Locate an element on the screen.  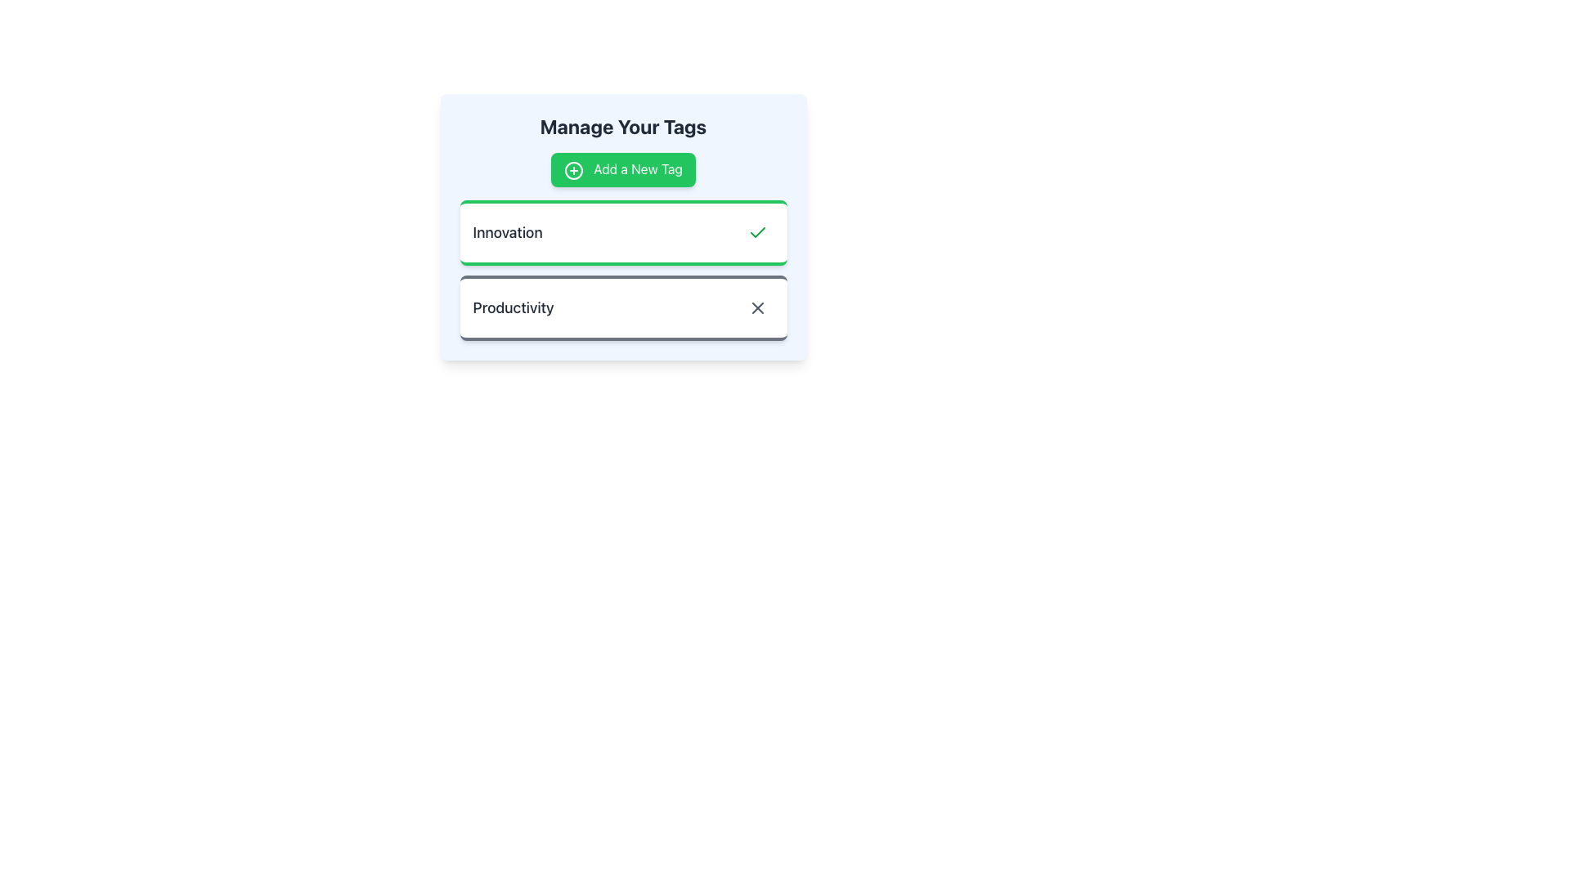
the button that adds a new tag, located below the 'Manage Your Tags' title is located at coordinates (622, 169).